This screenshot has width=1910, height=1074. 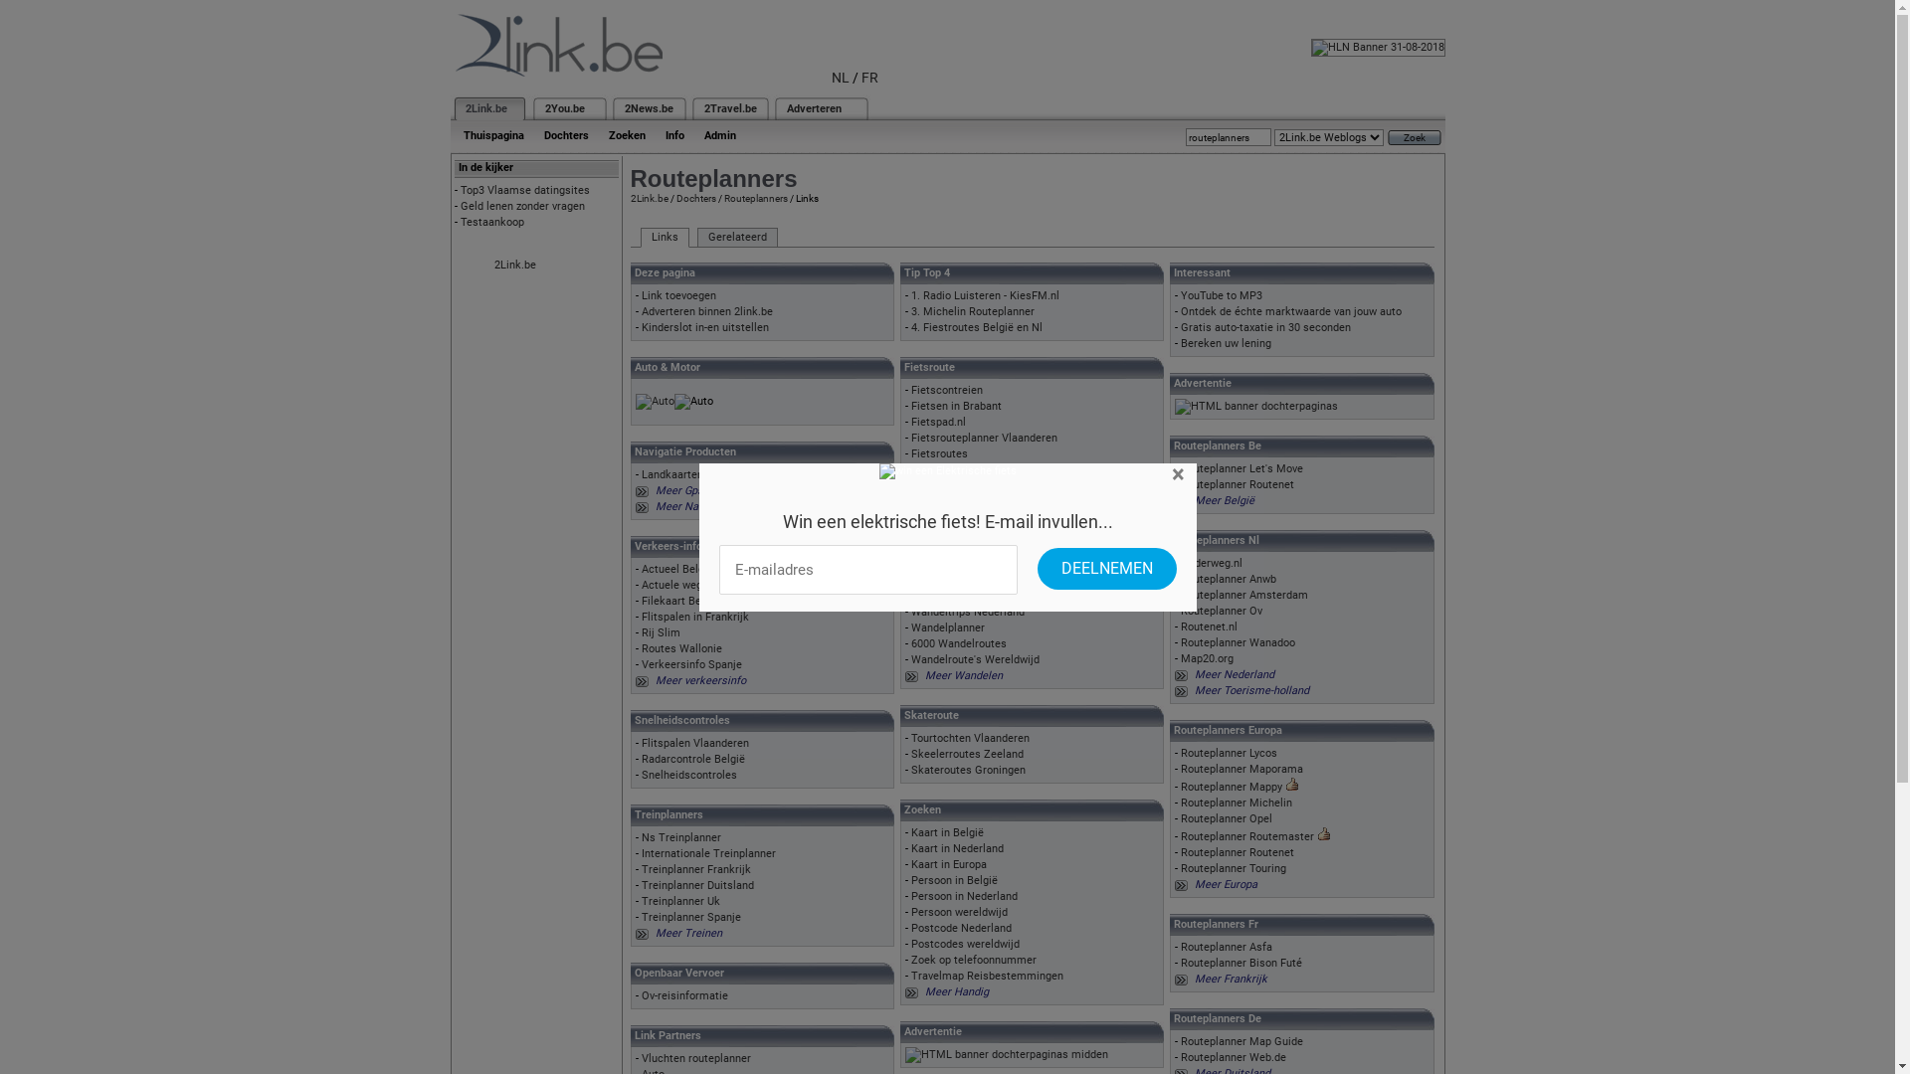 I want to click on 'Routeplanner Wanadoo', so click(x=1237, y=642).